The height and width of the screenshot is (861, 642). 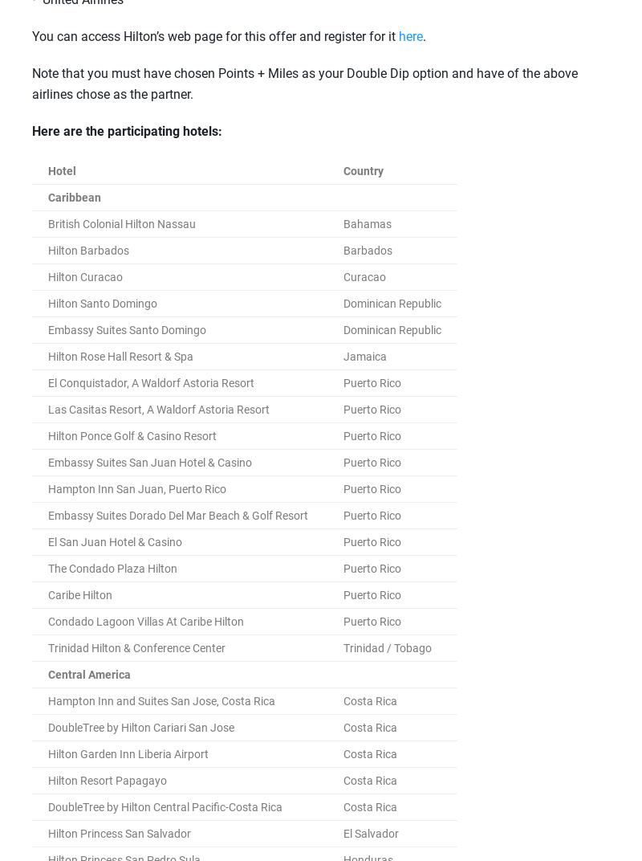 What do you see at coordinates (47, 329) in the screenshot?
I see `'Embassy Suites Santo Domingo'` at bounding box center [47, 329].